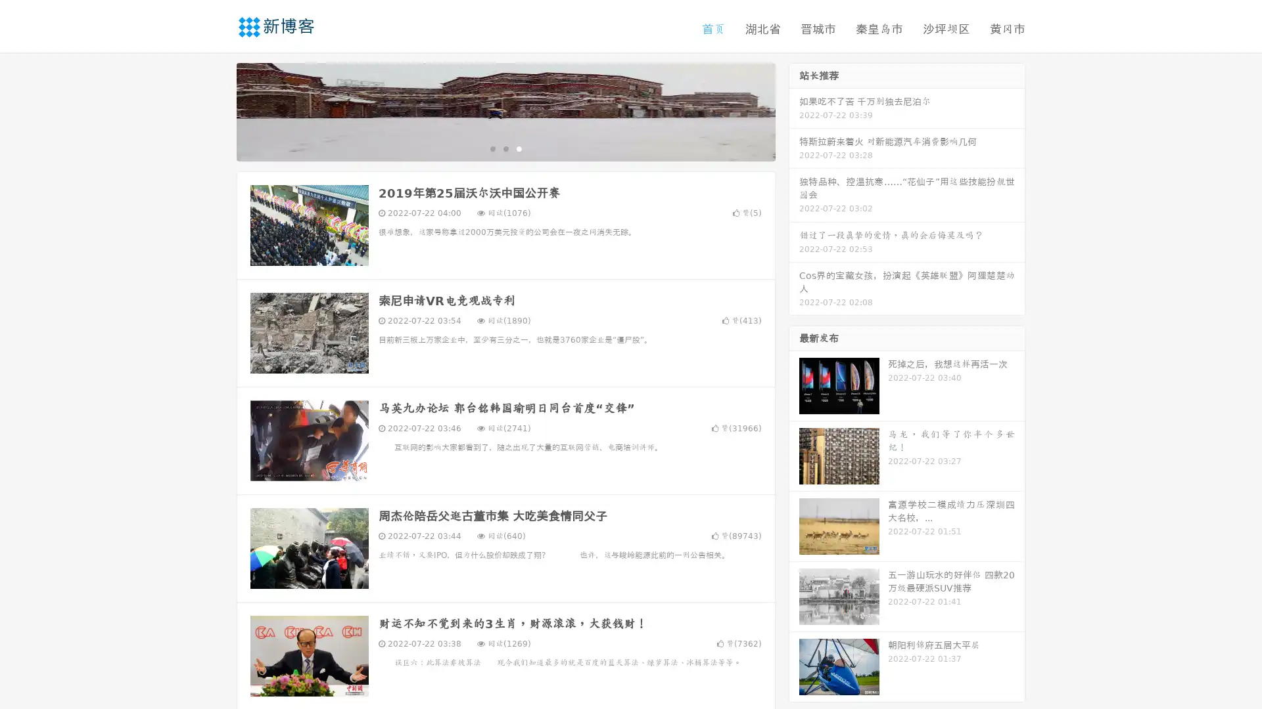 Image resolution: width=1262 pixels, height=709 pixels. Describe the element at coordinates (217, 110) in the screenshot. I see `Previous slide` at that location.